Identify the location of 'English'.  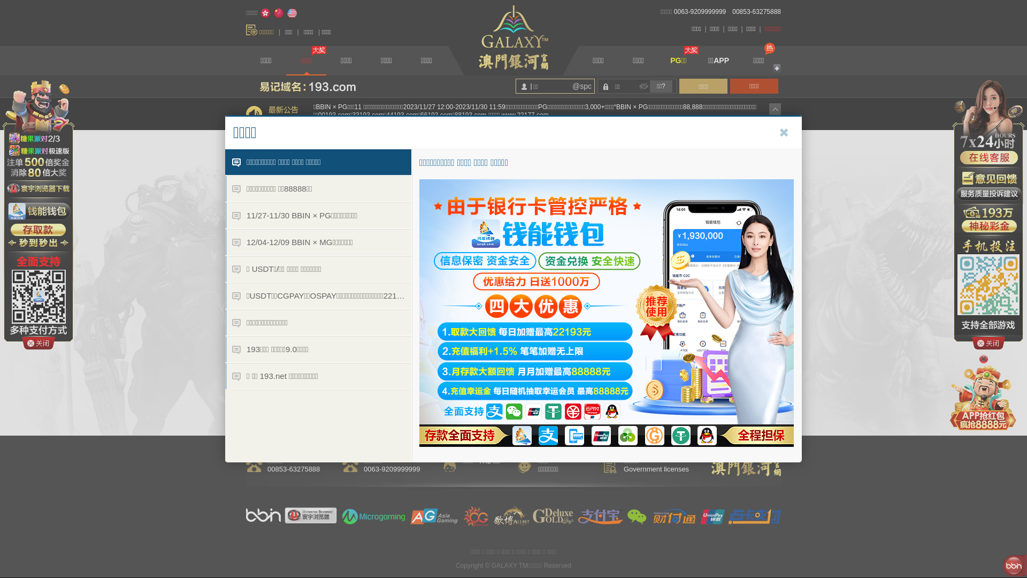
(292, 13).